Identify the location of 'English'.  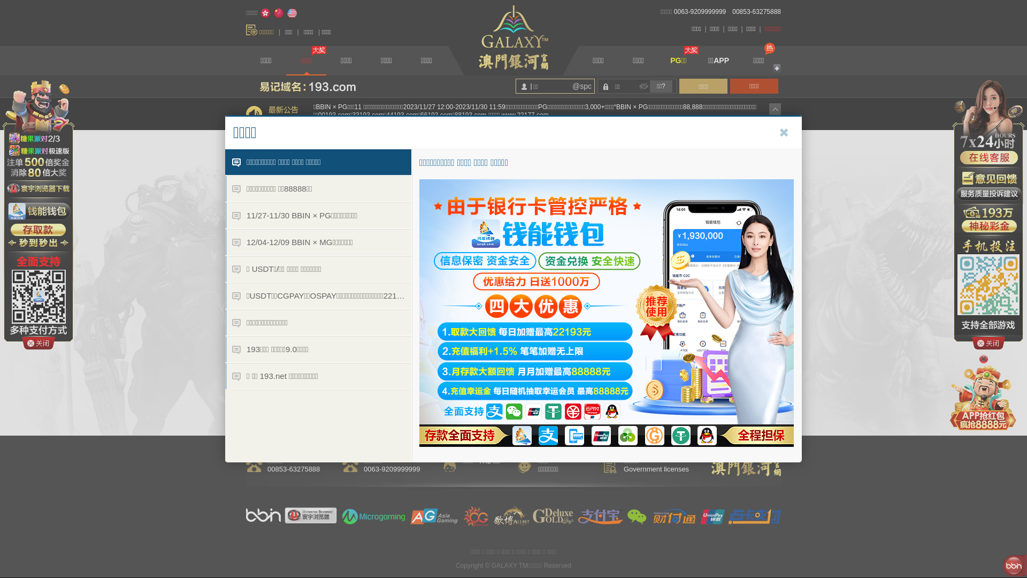
(292, 13).